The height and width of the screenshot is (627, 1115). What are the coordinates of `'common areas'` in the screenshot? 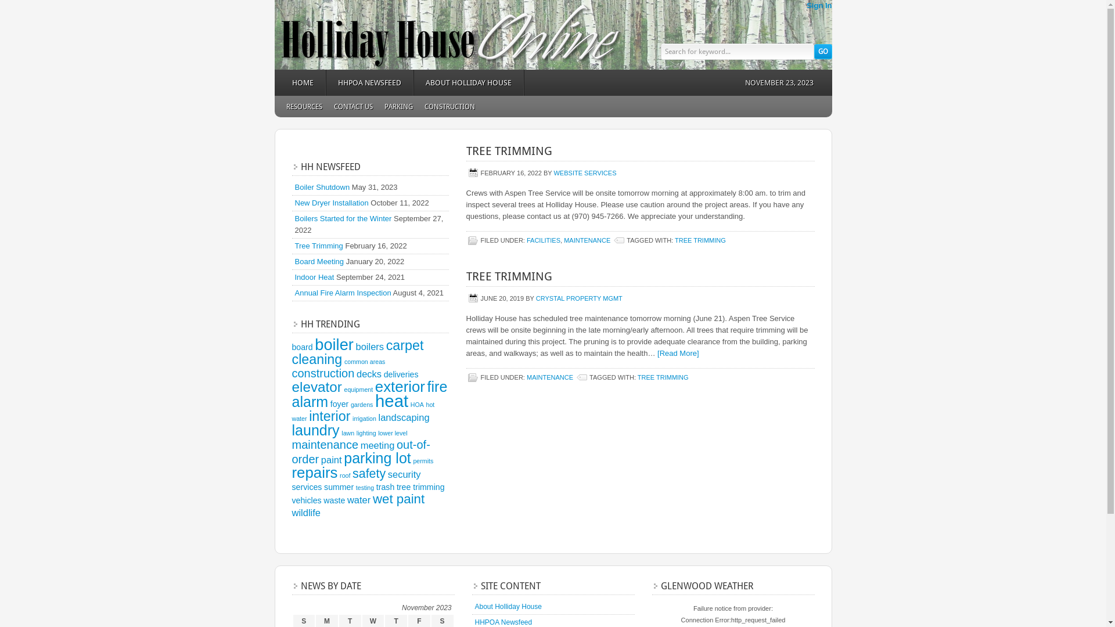 It's located at (364, 361).